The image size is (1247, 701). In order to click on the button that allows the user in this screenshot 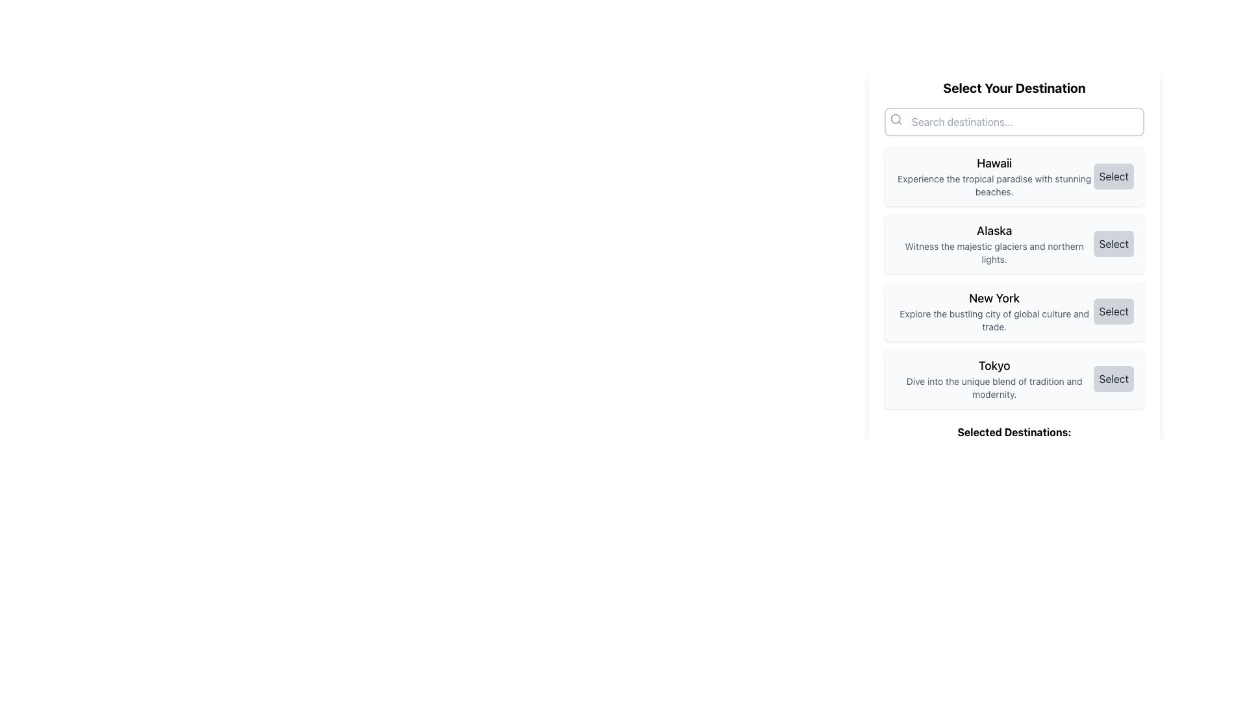, I will do `click(1113, 311)`.